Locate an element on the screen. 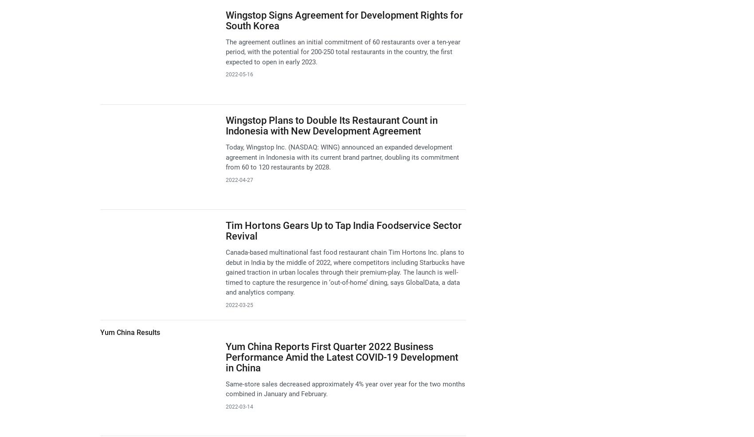 This screenshot has width=754, height=437. '2022-03-25' is located at coordinates (239, 304).